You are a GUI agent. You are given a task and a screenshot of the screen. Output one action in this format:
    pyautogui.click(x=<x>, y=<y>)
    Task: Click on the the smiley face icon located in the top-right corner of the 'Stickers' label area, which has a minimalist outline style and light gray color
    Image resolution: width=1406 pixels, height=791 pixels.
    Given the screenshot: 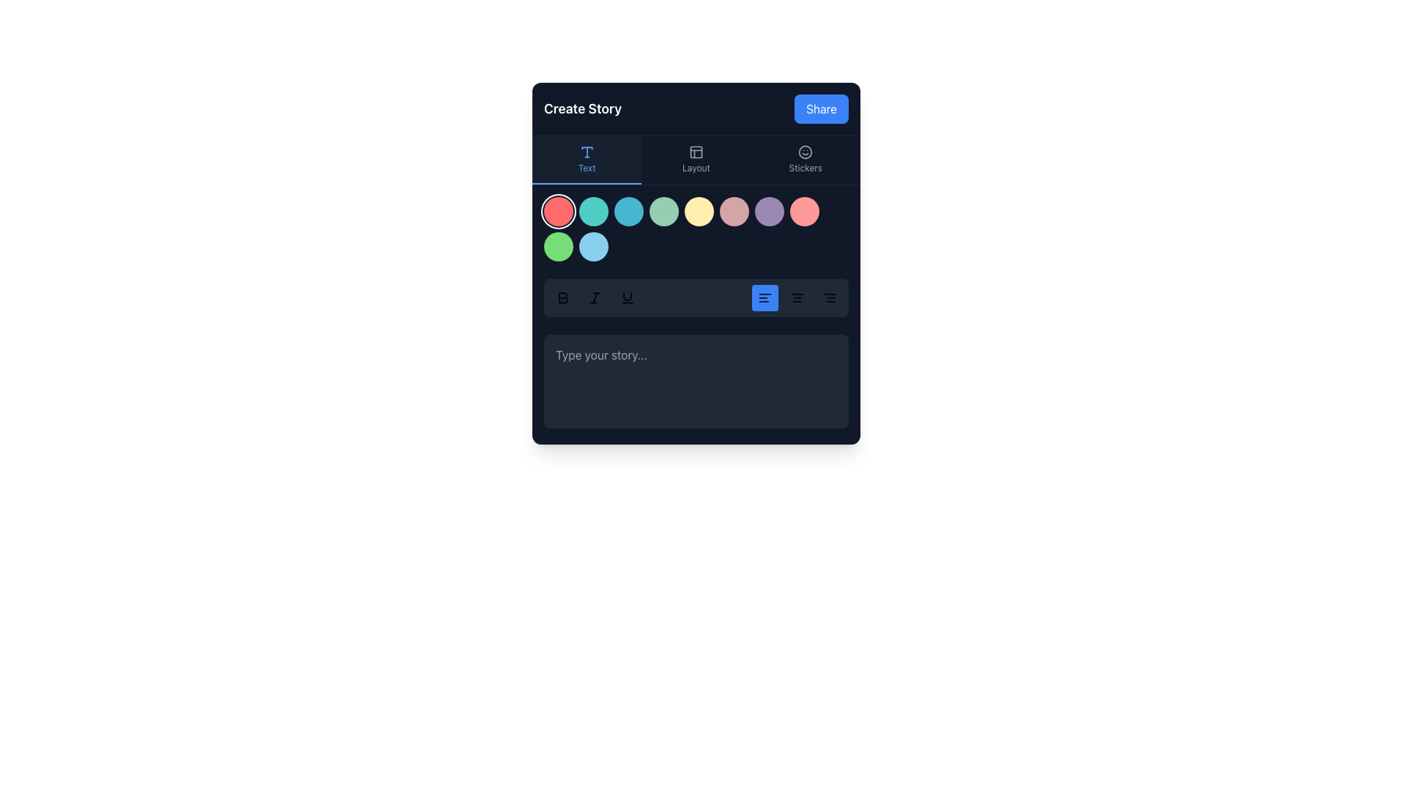 What is the action you would take?
    pyautogui.click(x=805, y=152)
    